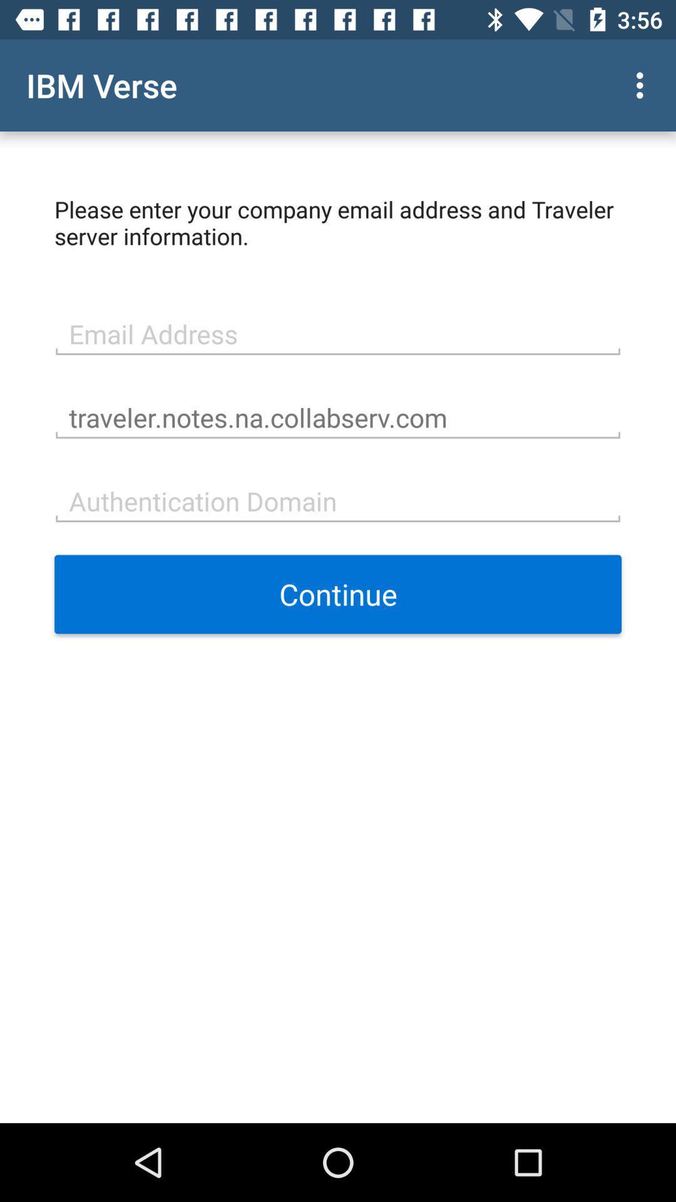  Describe the element at coordinates (338, 499) in the screenshot. I see `icon above continue icon` at that location.